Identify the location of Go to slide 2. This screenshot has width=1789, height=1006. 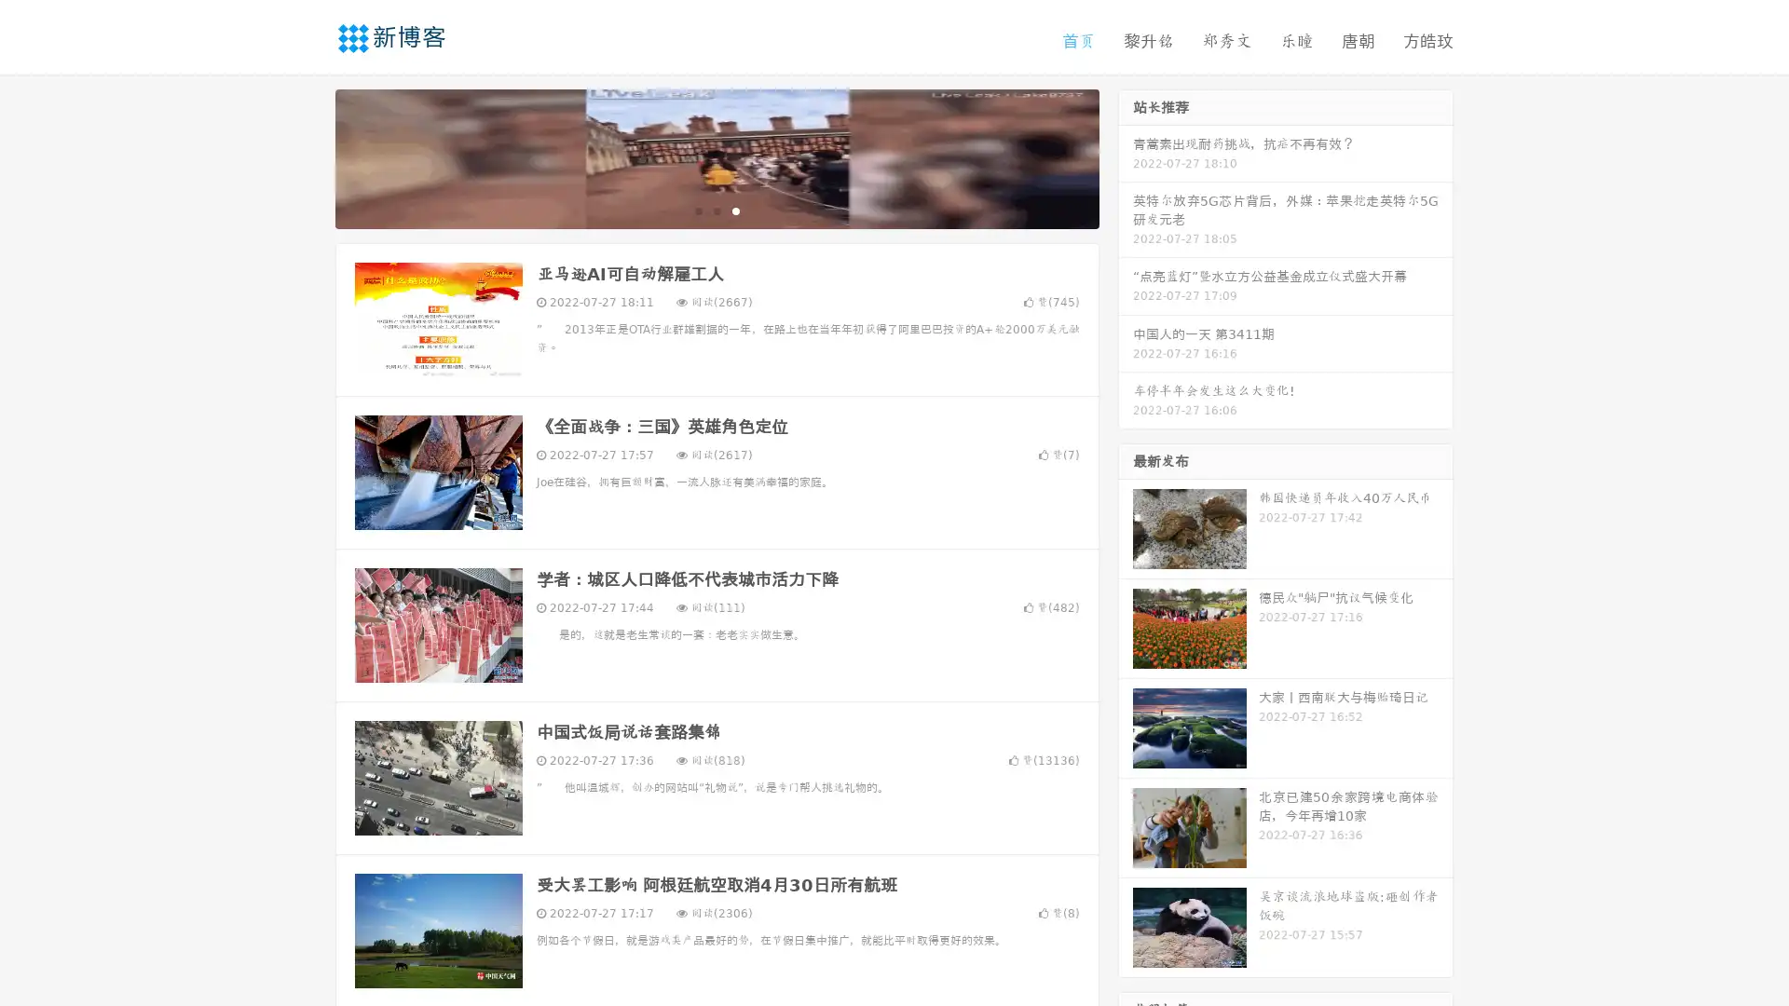
(716, 210).